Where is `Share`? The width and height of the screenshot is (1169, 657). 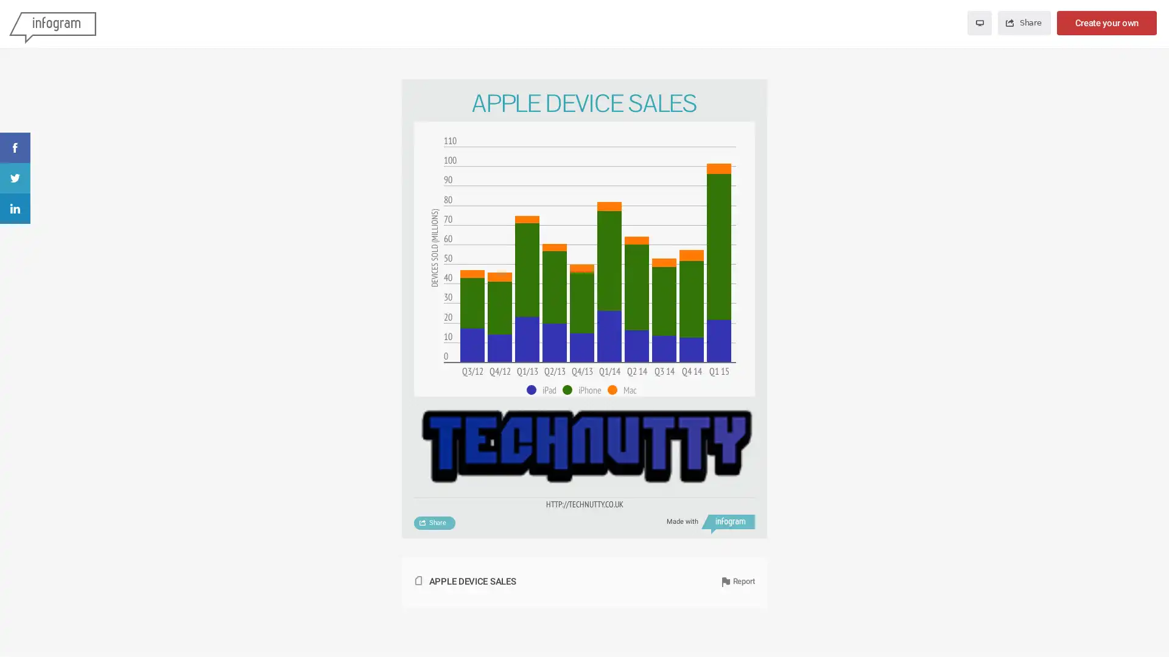
Share is located at coordinates (434, 522).